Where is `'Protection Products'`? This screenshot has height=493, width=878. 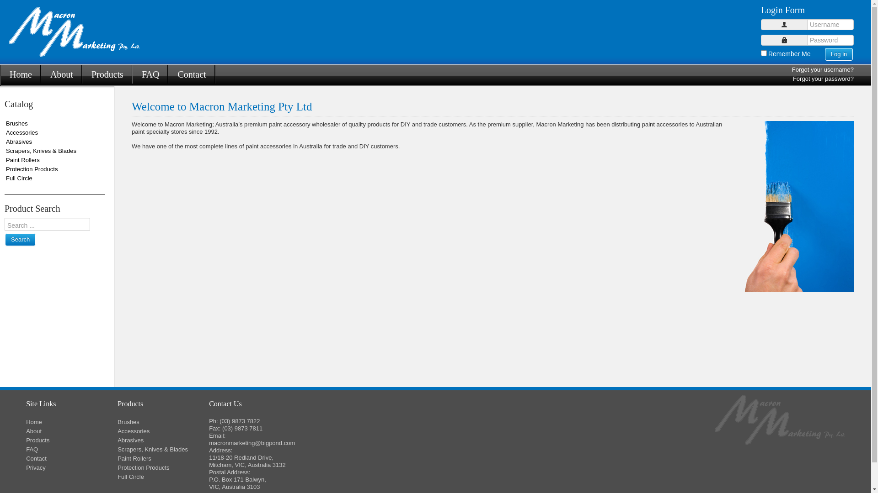
'Protection Products' is located at coordinates (117, 468).